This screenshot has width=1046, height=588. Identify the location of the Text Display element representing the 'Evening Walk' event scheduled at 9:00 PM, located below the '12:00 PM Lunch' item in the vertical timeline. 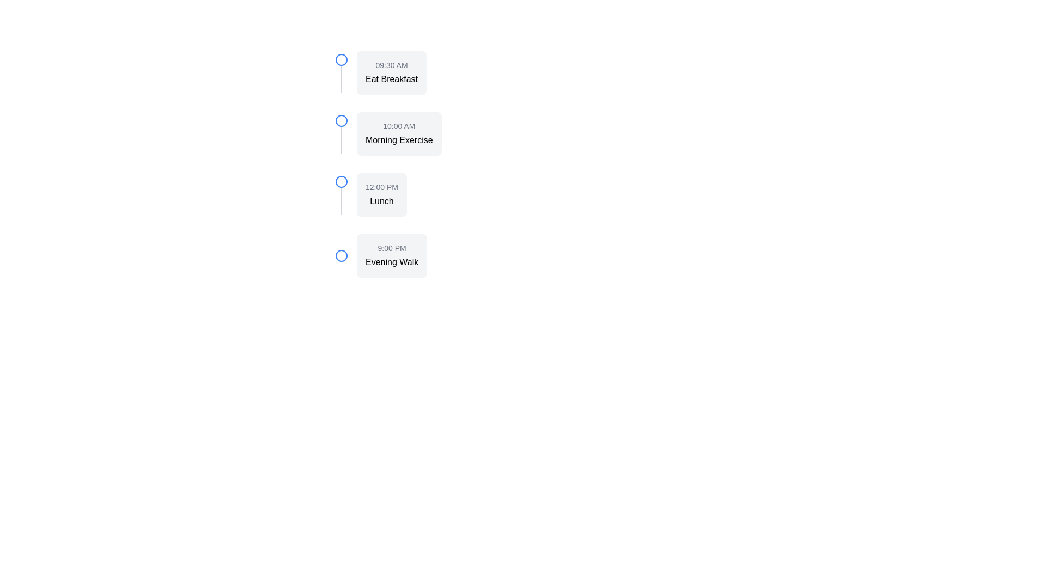
(392, 256).